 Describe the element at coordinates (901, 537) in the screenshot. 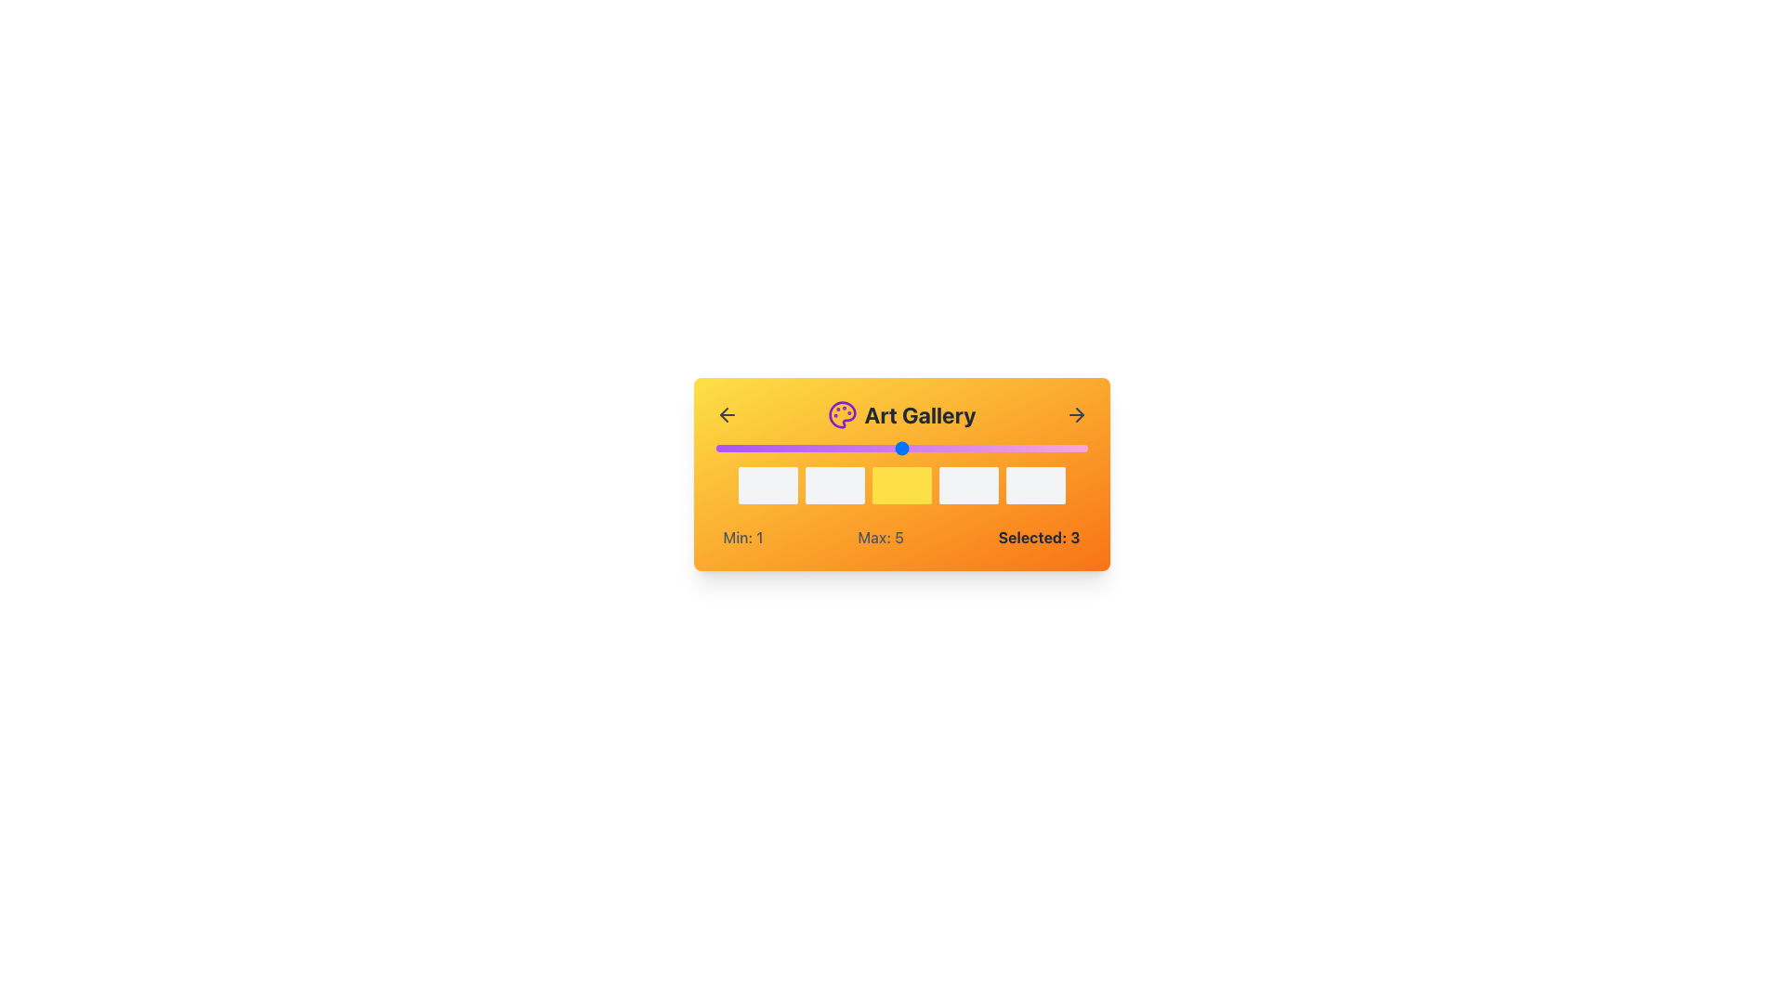

I see `the Text Display that shows 'Min: 1', 'Max: 5', and 'Selected: 3'` at that location.